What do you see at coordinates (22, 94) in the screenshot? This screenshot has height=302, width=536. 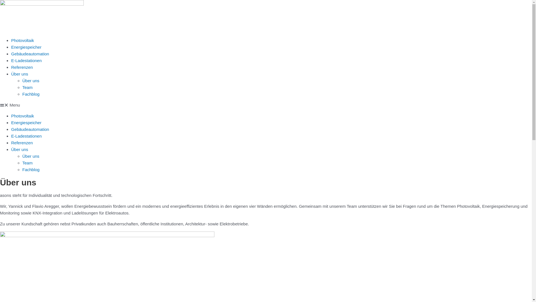 I see `'Fachblog'` at bounding box center [22, 94].